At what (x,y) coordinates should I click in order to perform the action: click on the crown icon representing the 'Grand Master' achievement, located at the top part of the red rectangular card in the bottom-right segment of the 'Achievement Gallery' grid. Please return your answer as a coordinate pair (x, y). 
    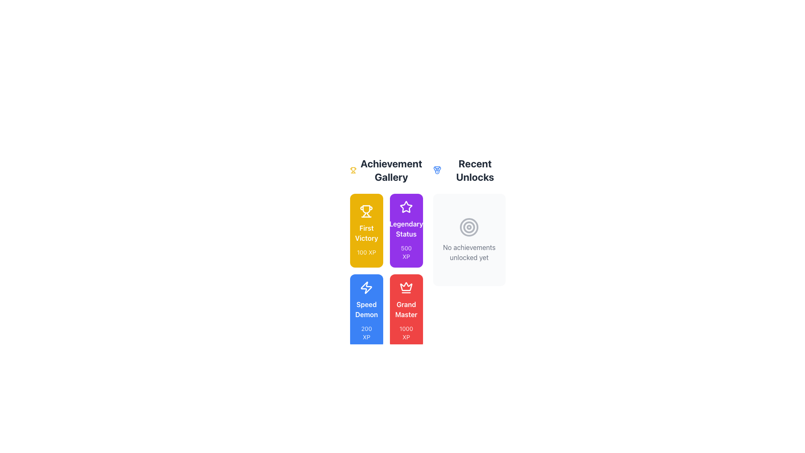
    Looking at the image, I should click on (406, 287).